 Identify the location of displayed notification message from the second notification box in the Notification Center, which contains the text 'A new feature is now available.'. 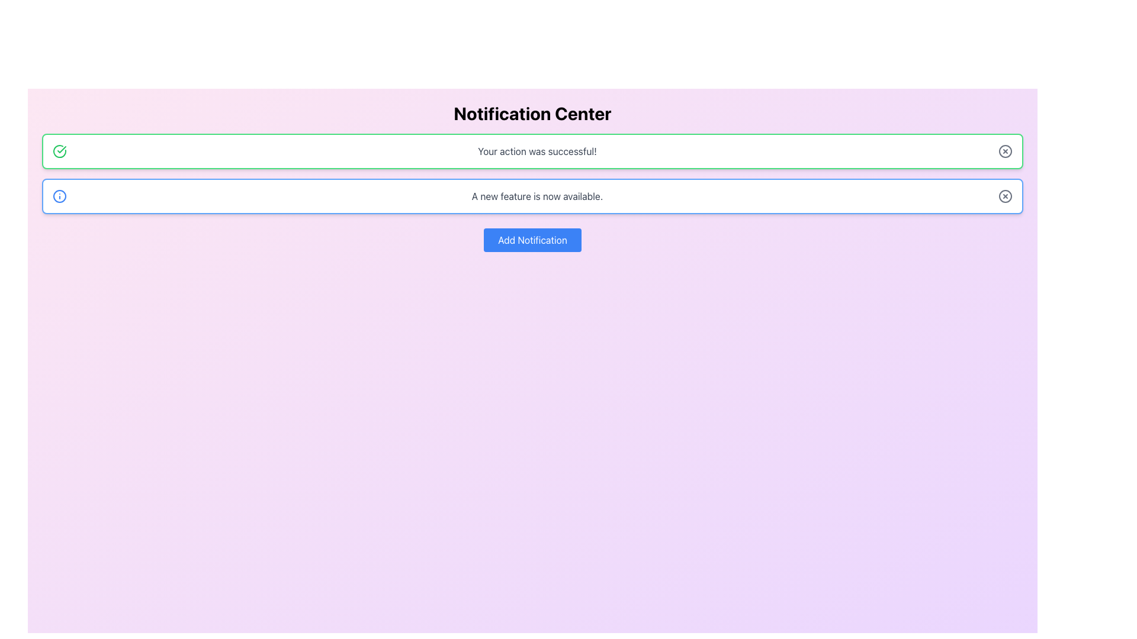
(532, 195).